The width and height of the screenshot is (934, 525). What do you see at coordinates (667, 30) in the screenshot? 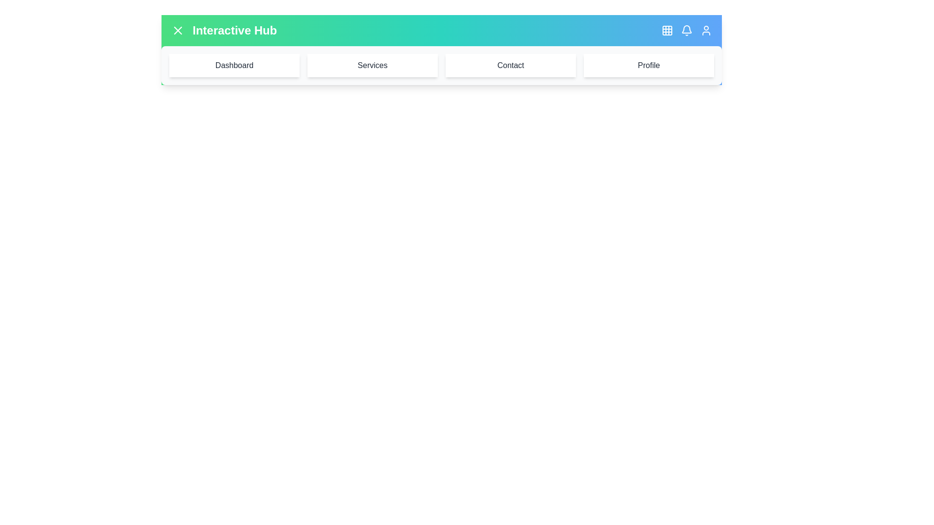
I see `grid icon button located in the app bar` at bounding box center [667, 30].